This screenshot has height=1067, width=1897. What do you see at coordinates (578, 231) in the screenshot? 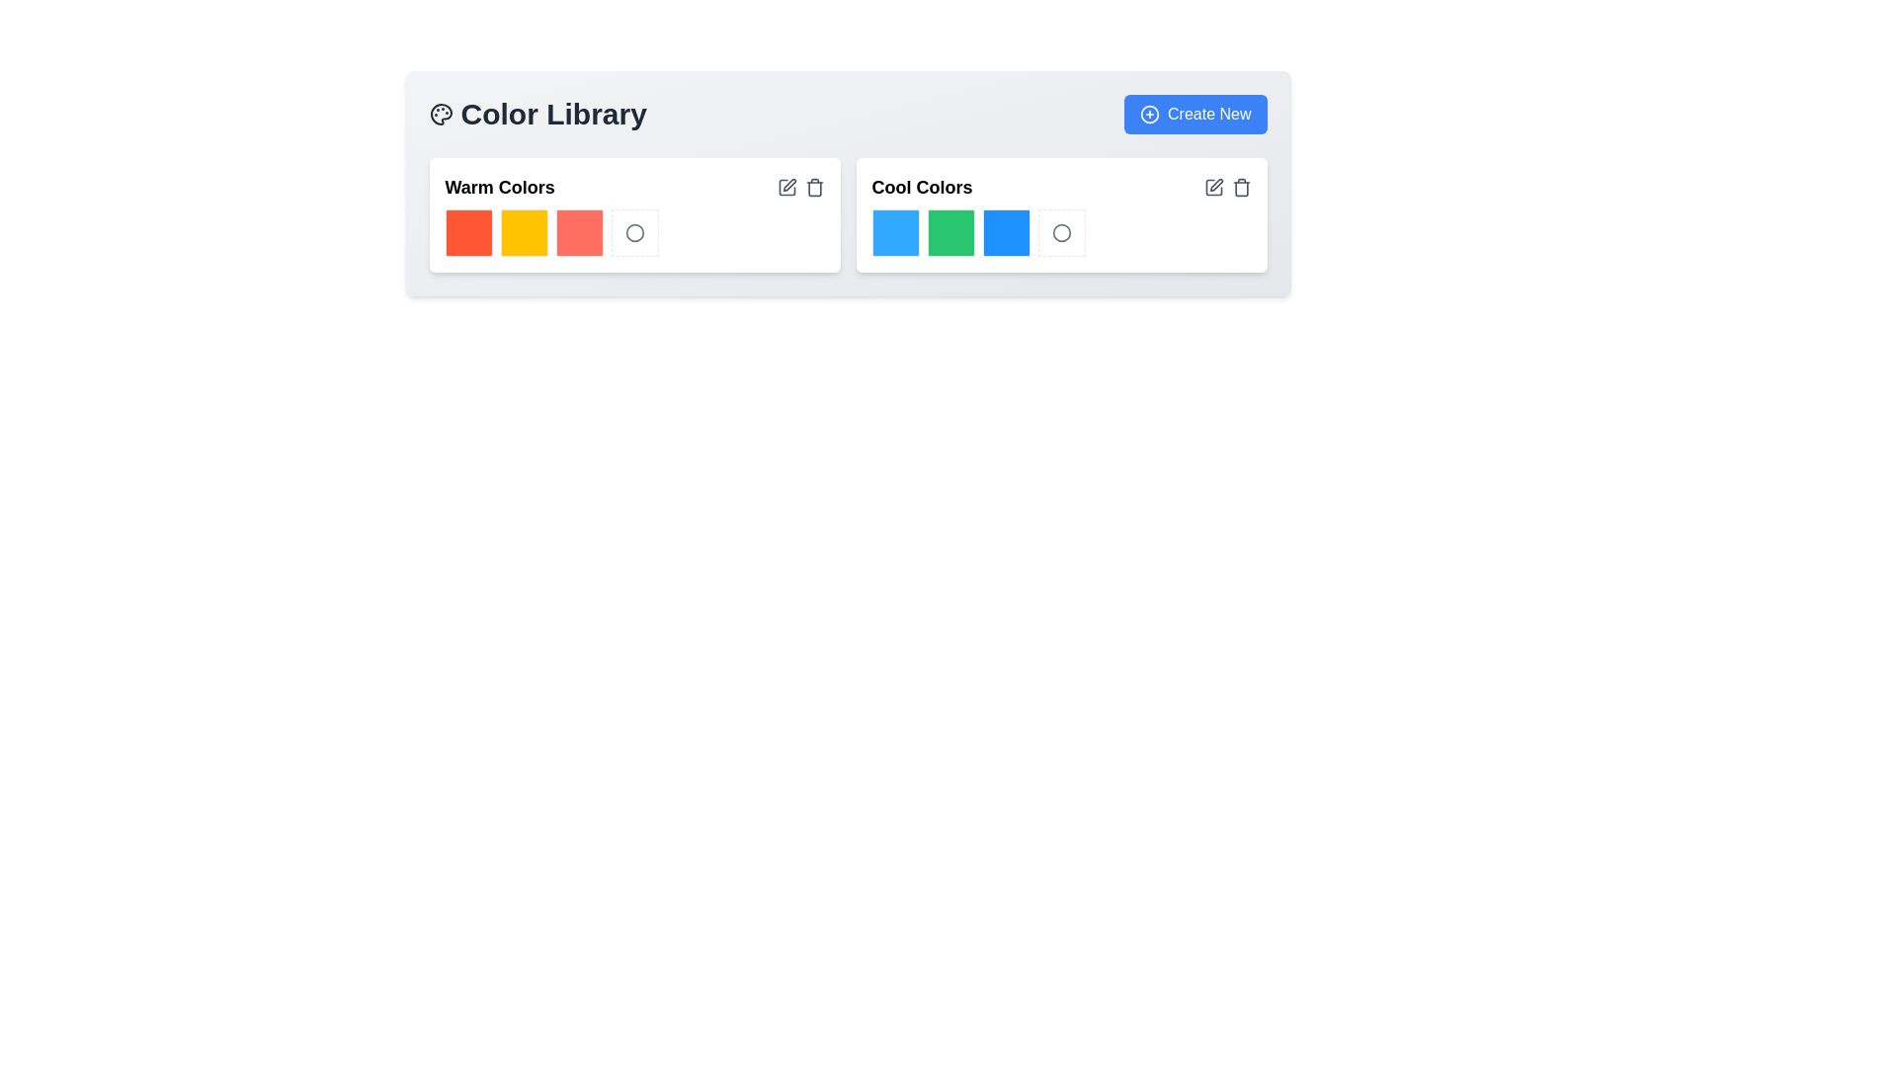
I see `the third Color Box in the 'Warm Colors' section of the 'Color Library' interface, which is a red square box with rounded corners` at bounding box center [578, 231].